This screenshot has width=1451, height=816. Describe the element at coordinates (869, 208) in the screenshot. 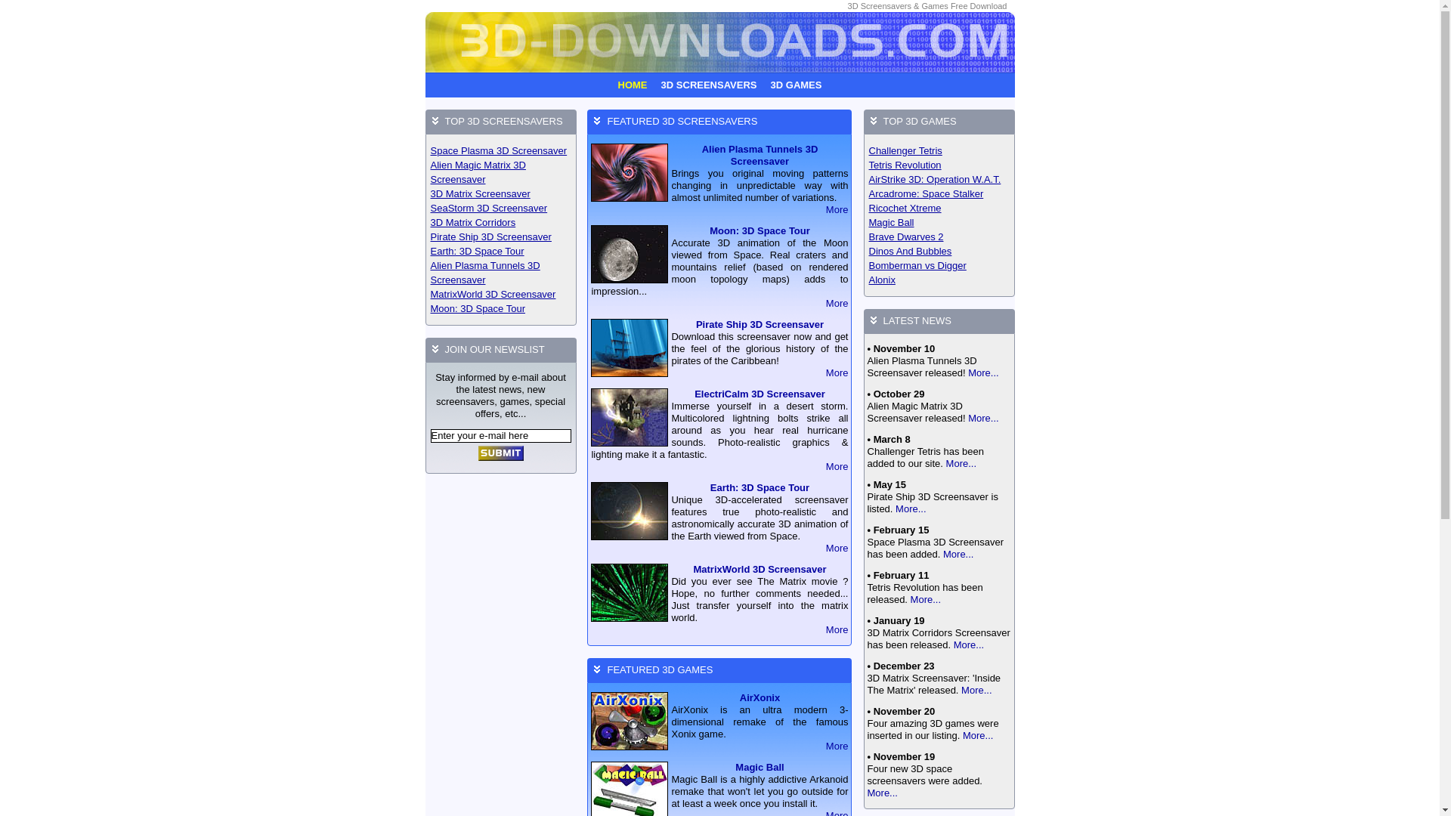

I see `'Ricochet Xtreme'` at that location.